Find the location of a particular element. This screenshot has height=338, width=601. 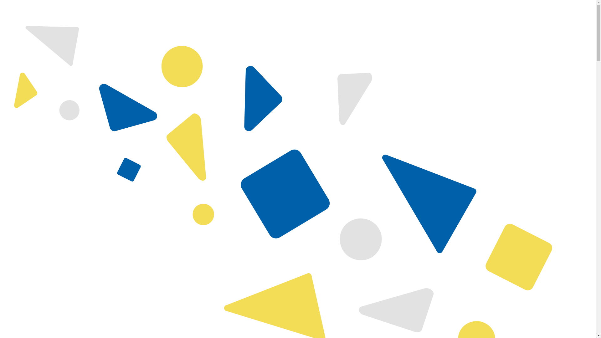

'Naar de inhoud' is located at coordinates (3, 3).